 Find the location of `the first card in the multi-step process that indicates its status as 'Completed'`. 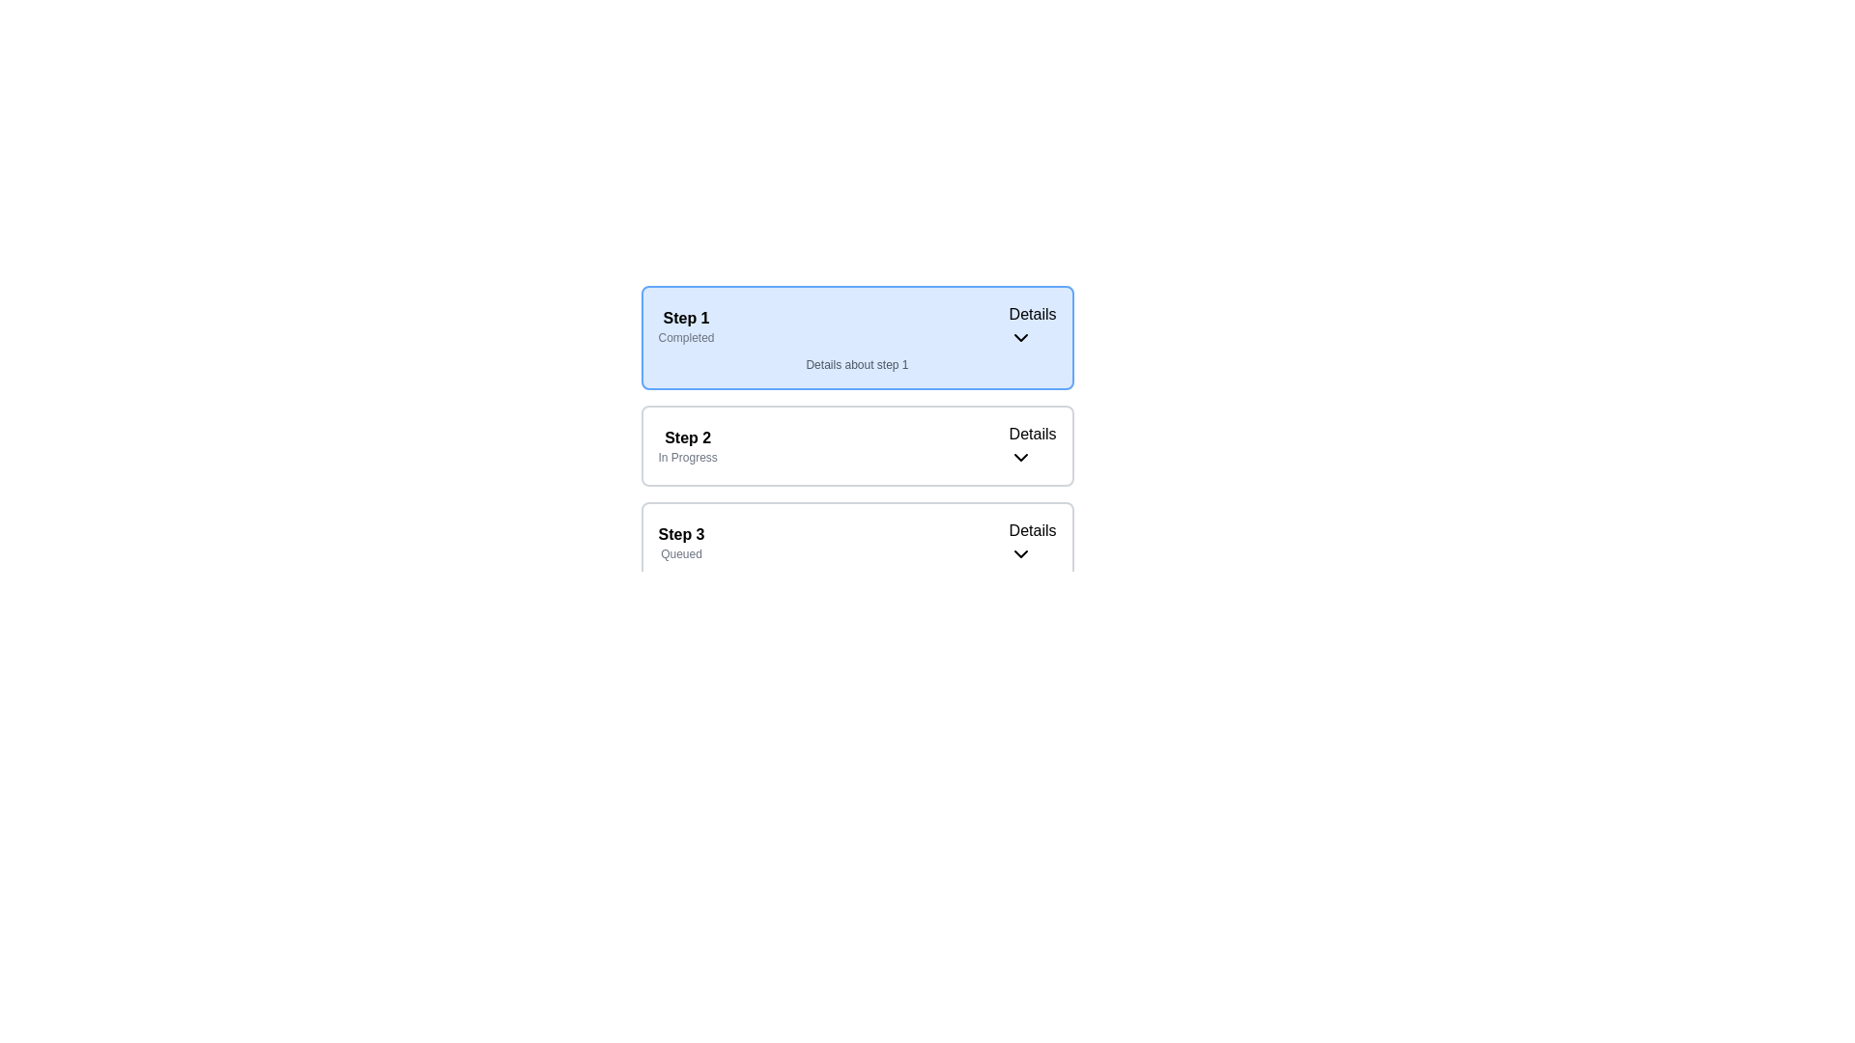

the first card in the multi-step process that indicates its status as 'Completed' is located at coordinates (856, 337).